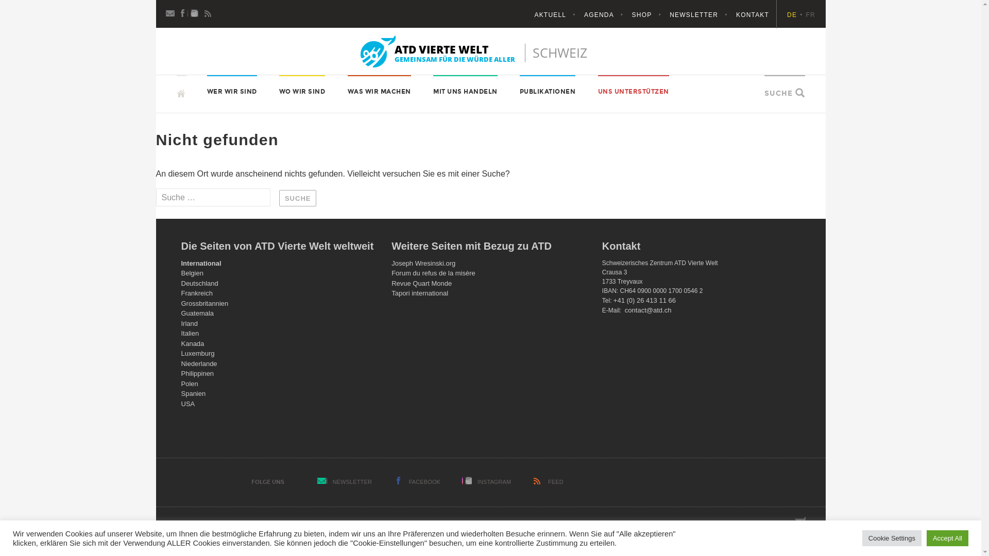 Image resolution: width=989 pixels, height=556 pixels. I want to click on 'DE', so click(795, 15).